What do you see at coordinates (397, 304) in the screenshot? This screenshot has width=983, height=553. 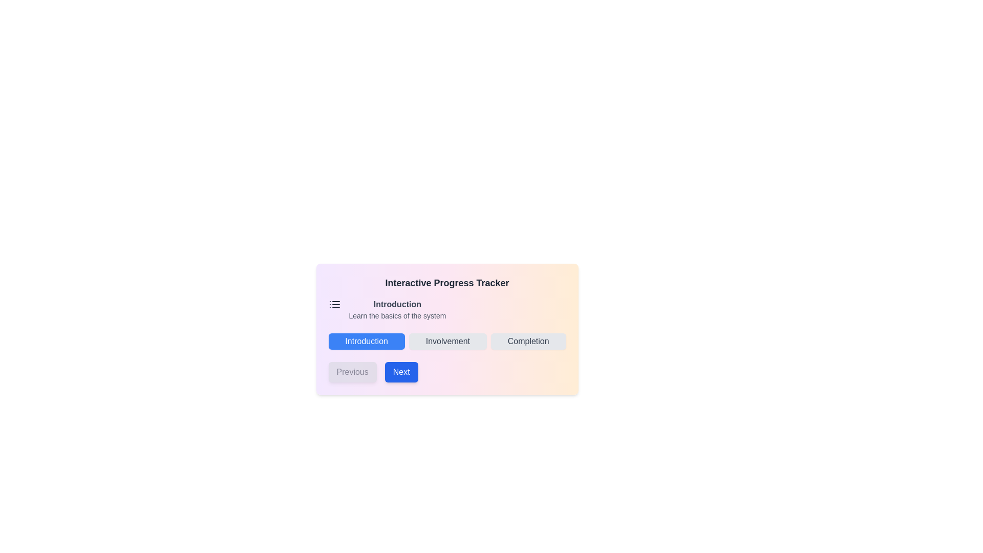 I see `the Text Label that serves as a heading for the accompanying information in the Interactive Progress Tracker section` at bounding box center [397, 304].